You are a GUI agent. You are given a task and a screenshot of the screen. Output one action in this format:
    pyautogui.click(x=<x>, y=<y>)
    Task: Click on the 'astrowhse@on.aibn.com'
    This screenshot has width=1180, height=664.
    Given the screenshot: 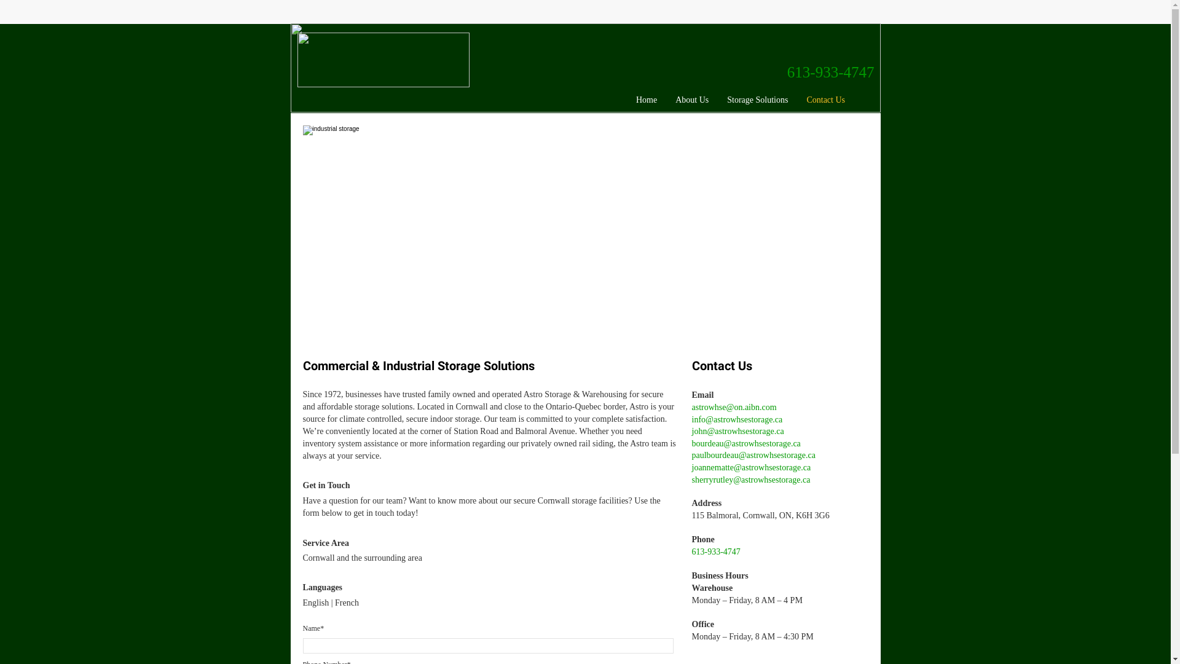 What is the action you would take?
    pyautogui.click(x=734, y=408)
    